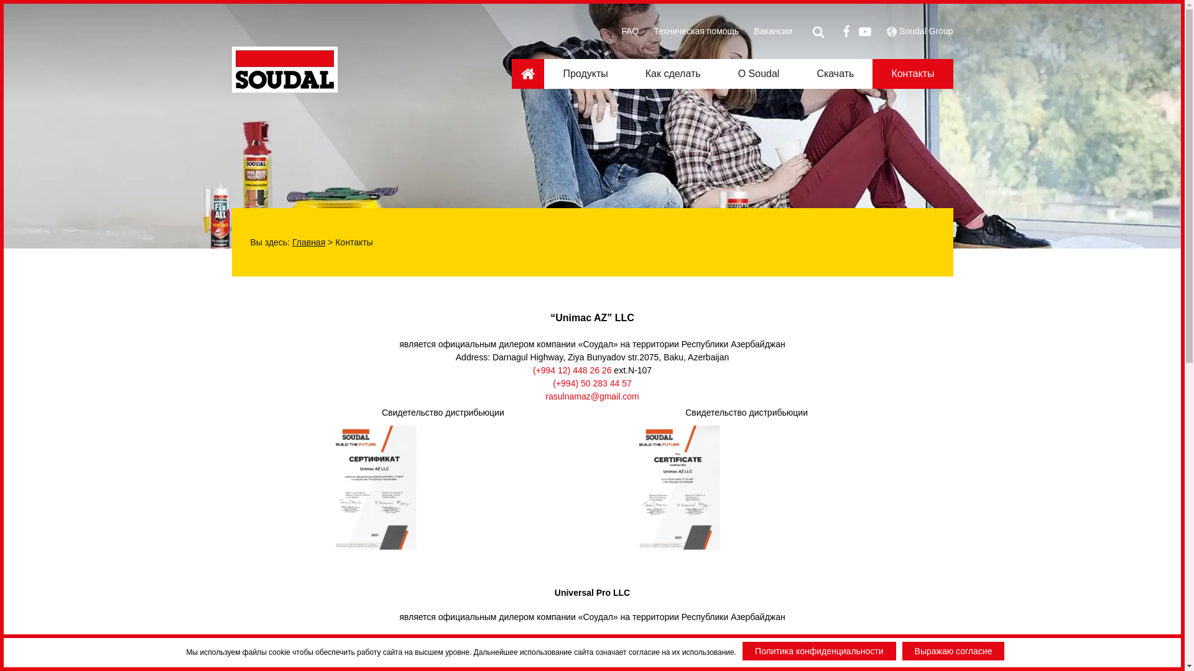  Describe the element at coordinates (572, 370) in the screenshot. I see `'(+994 12) 448 26 26'` at that location.